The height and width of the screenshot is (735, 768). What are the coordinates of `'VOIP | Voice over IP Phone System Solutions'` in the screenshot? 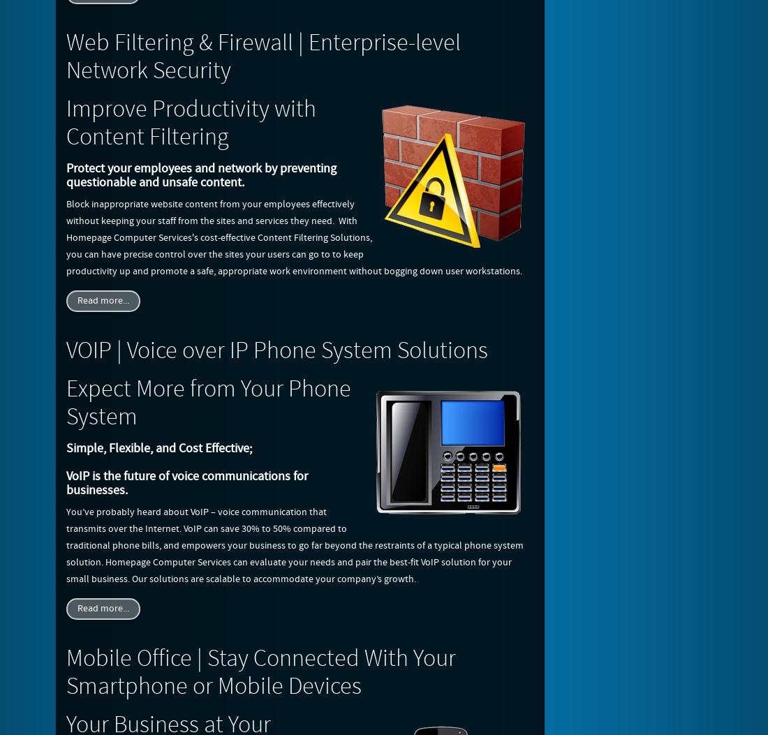 It's located at (276, 351).